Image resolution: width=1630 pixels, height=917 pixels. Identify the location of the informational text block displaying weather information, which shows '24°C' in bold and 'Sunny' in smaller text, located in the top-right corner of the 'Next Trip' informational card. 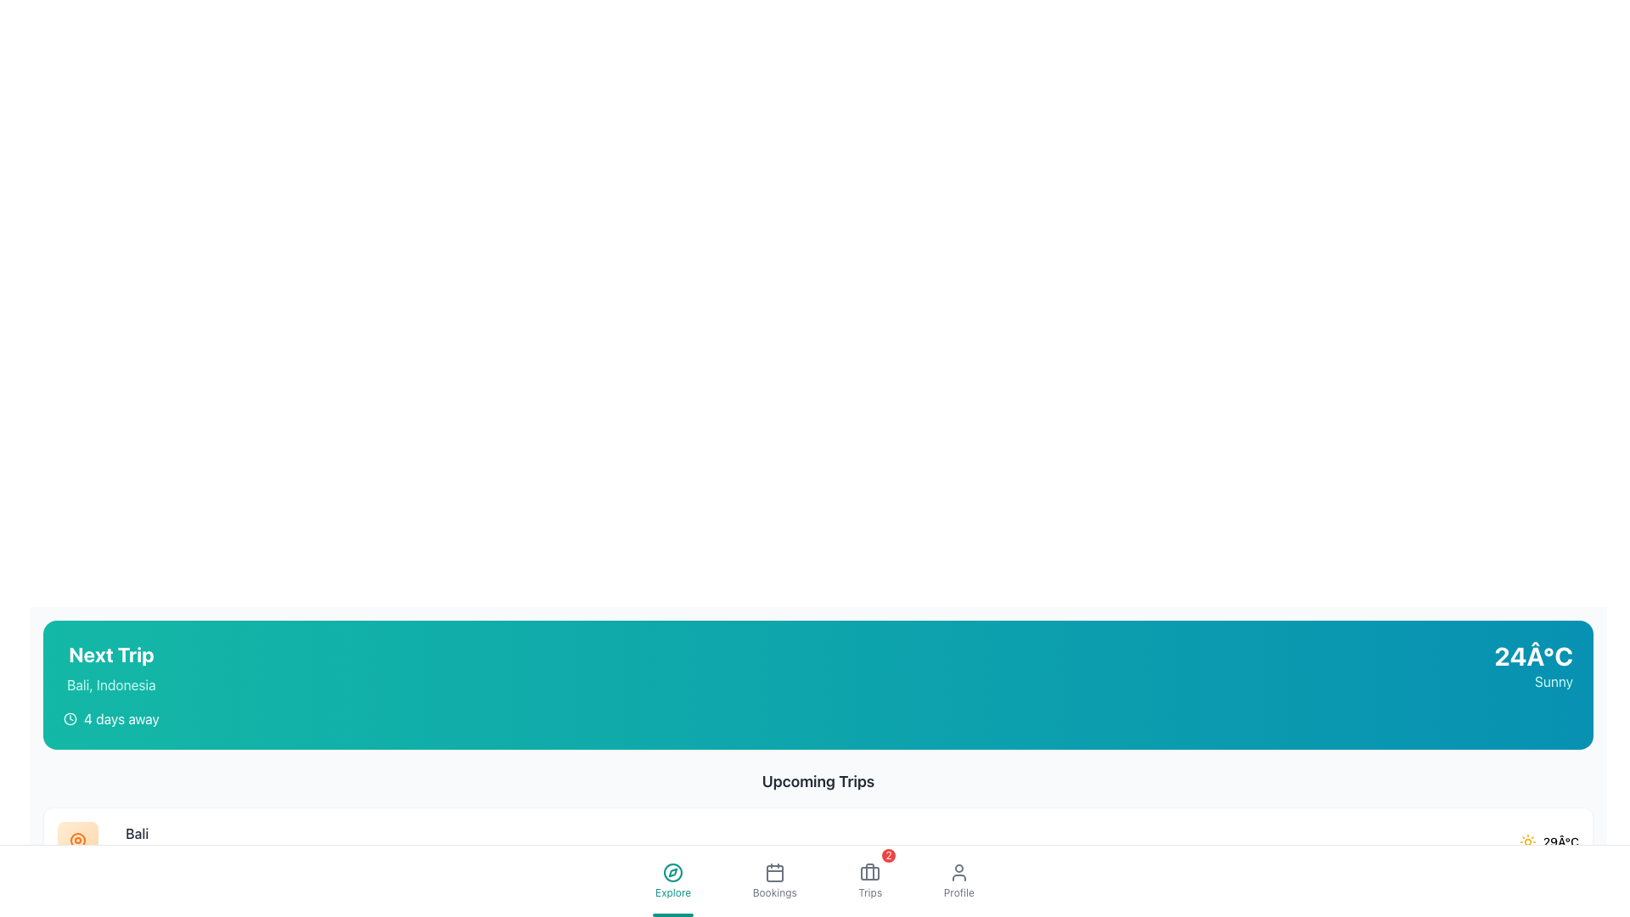
(1533, 666).